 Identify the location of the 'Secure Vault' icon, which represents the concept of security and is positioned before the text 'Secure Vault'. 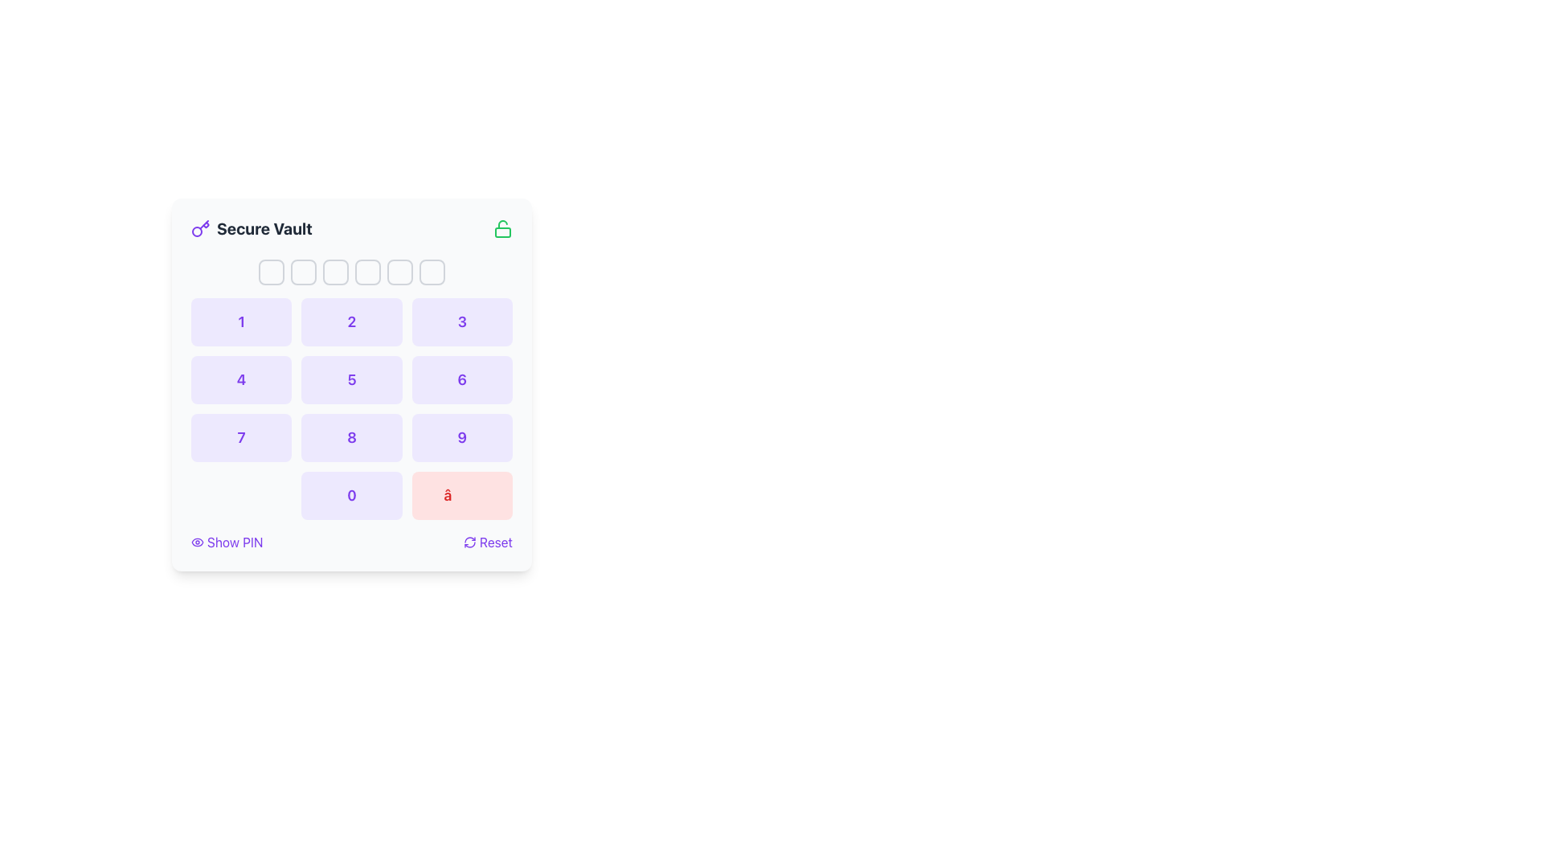
(199, 229).